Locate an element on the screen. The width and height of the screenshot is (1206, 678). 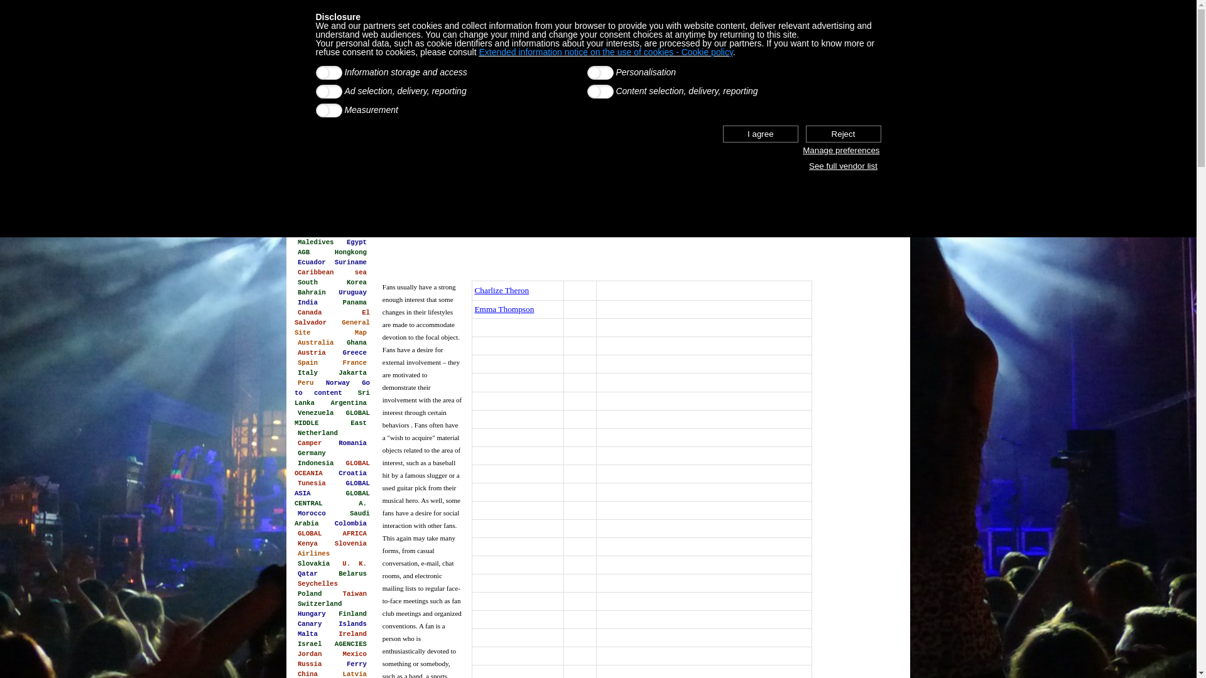
'Suriname' is located at coordinates (350, 261).